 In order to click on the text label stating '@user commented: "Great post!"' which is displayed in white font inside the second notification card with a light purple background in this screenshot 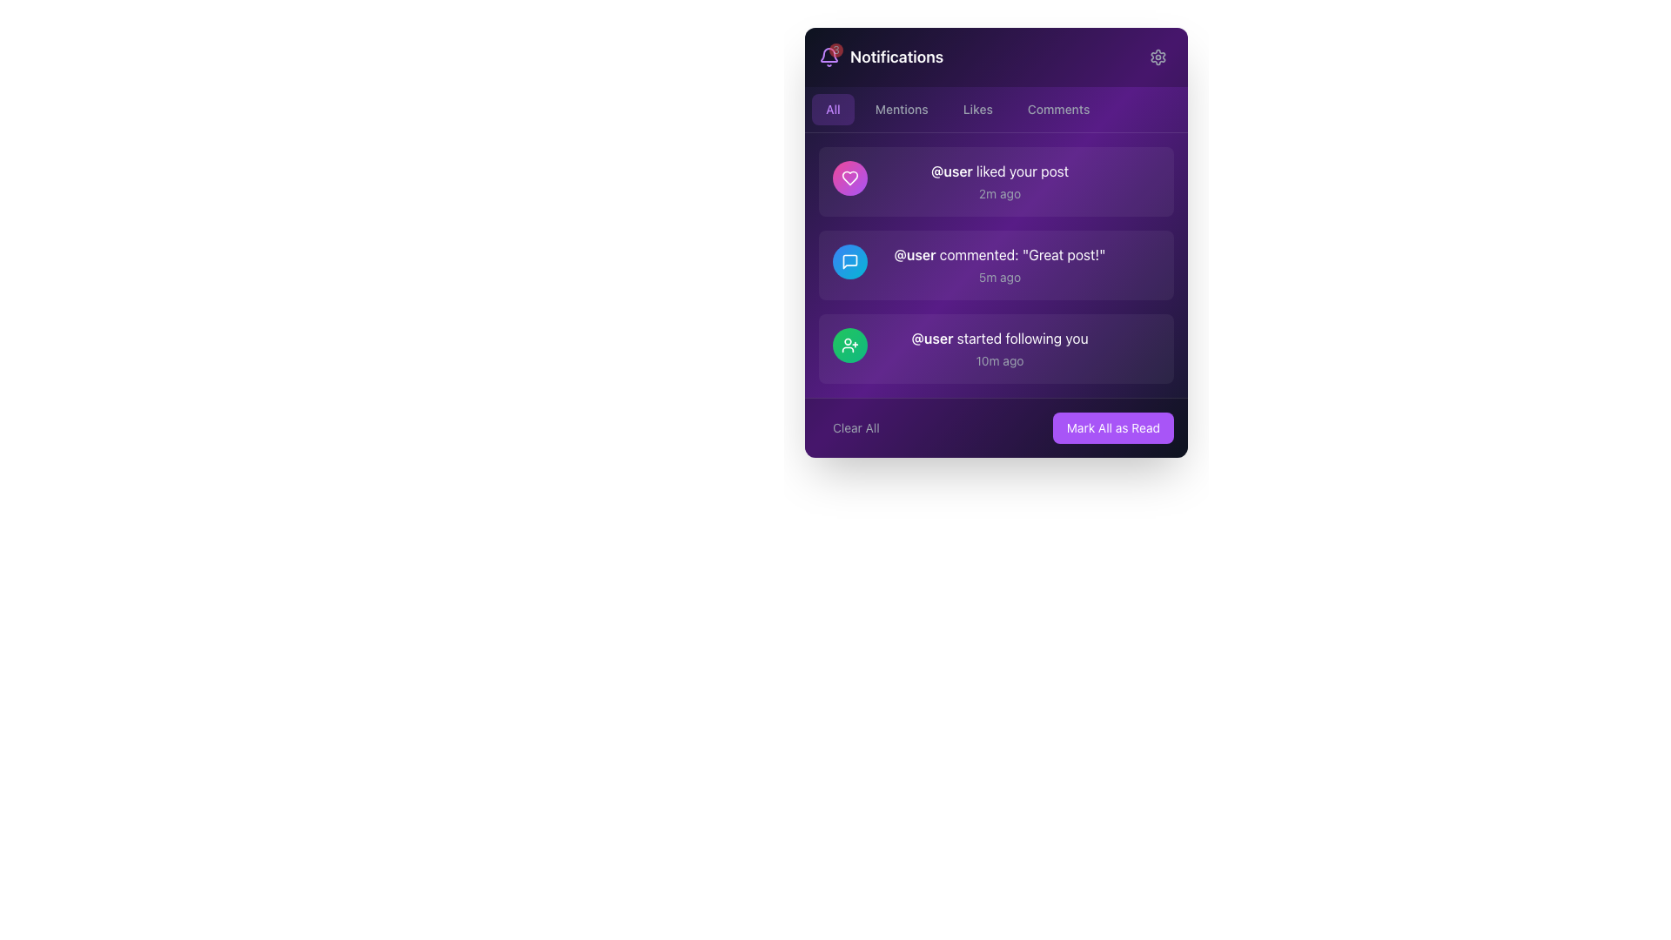, I will do `click(999, 255)`.